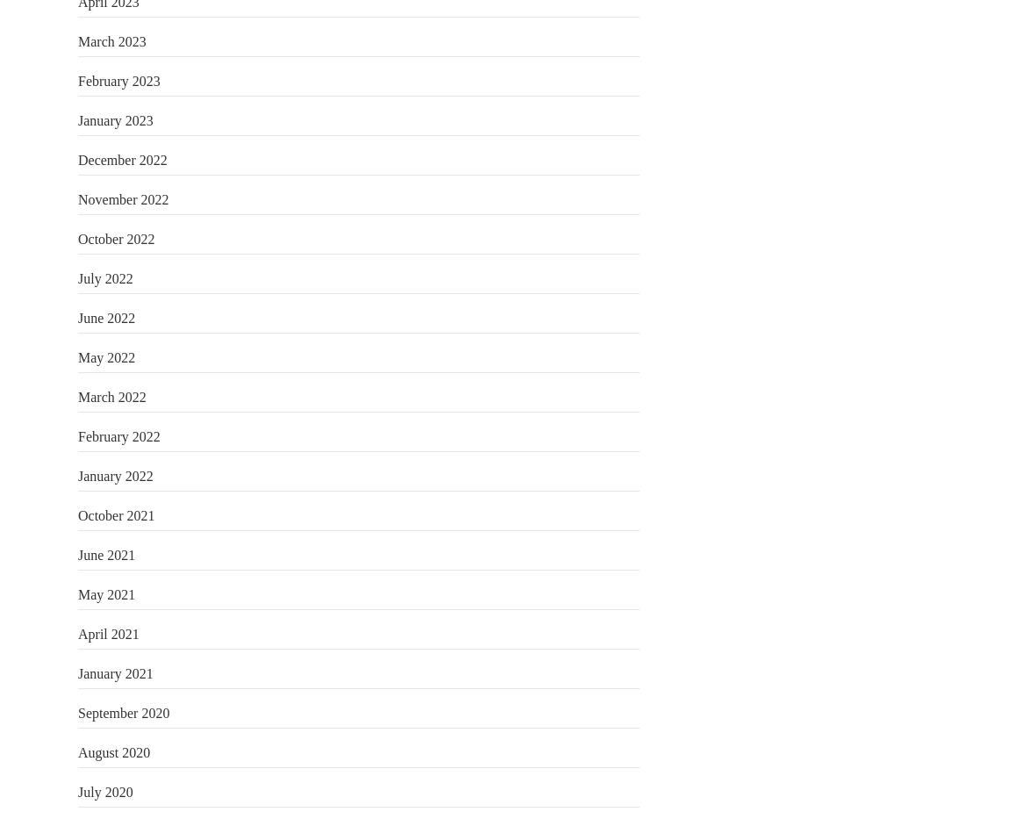 Image resolution: width=1016 pixels, height=819 pixels. What do you see at coordinates (105, 356) in the screenshot?
I see `'May 2022'` at bounding box center [105, 356].